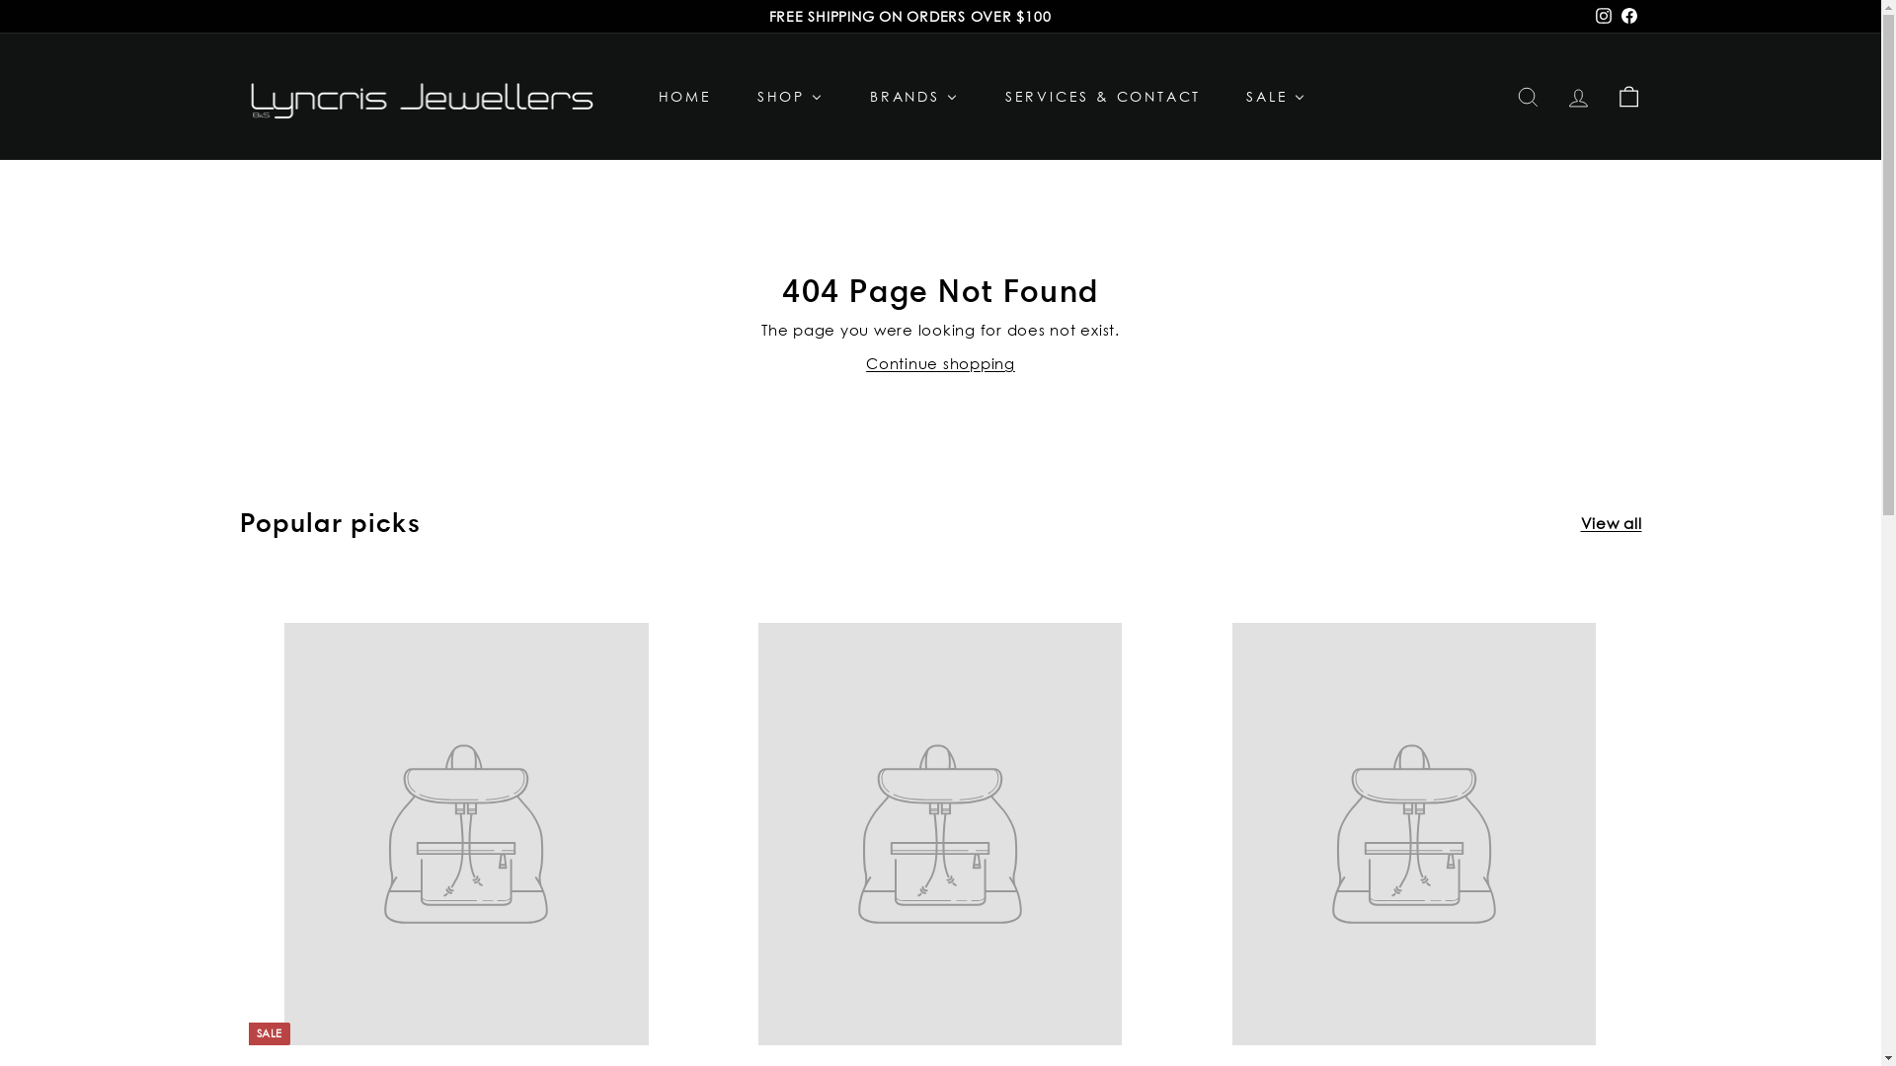 The width and height of the screenshot is (1896, 1066). Describe the element at coordinates (1552, 97) in the screenshot. I see `'ACCOUNT'` at that location.